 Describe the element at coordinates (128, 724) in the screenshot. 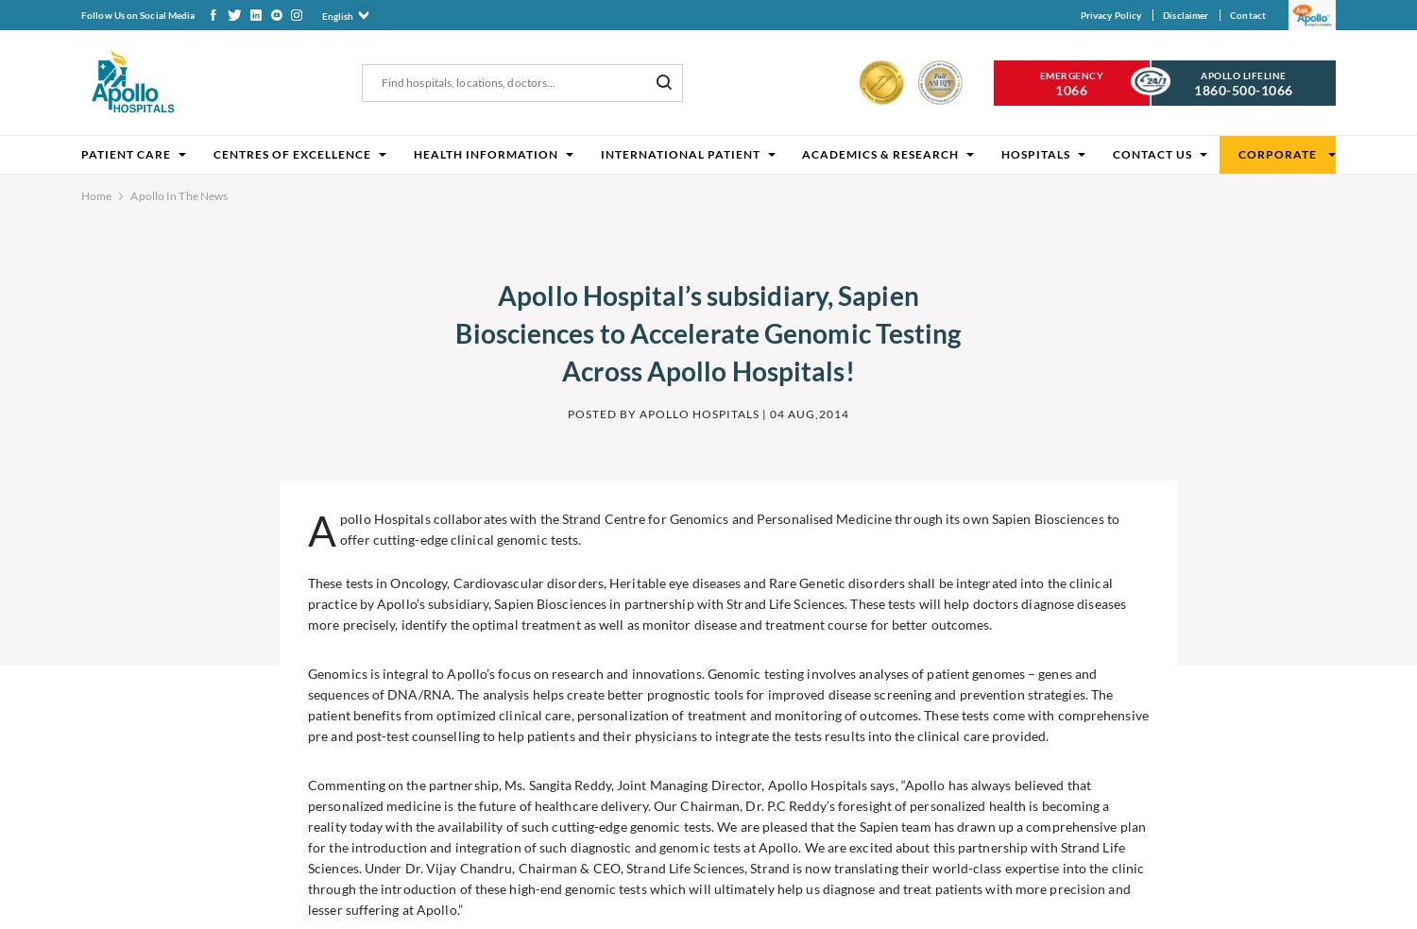

I see `'Apollo Hospitals expands presence in Kolkata.'` at that location.